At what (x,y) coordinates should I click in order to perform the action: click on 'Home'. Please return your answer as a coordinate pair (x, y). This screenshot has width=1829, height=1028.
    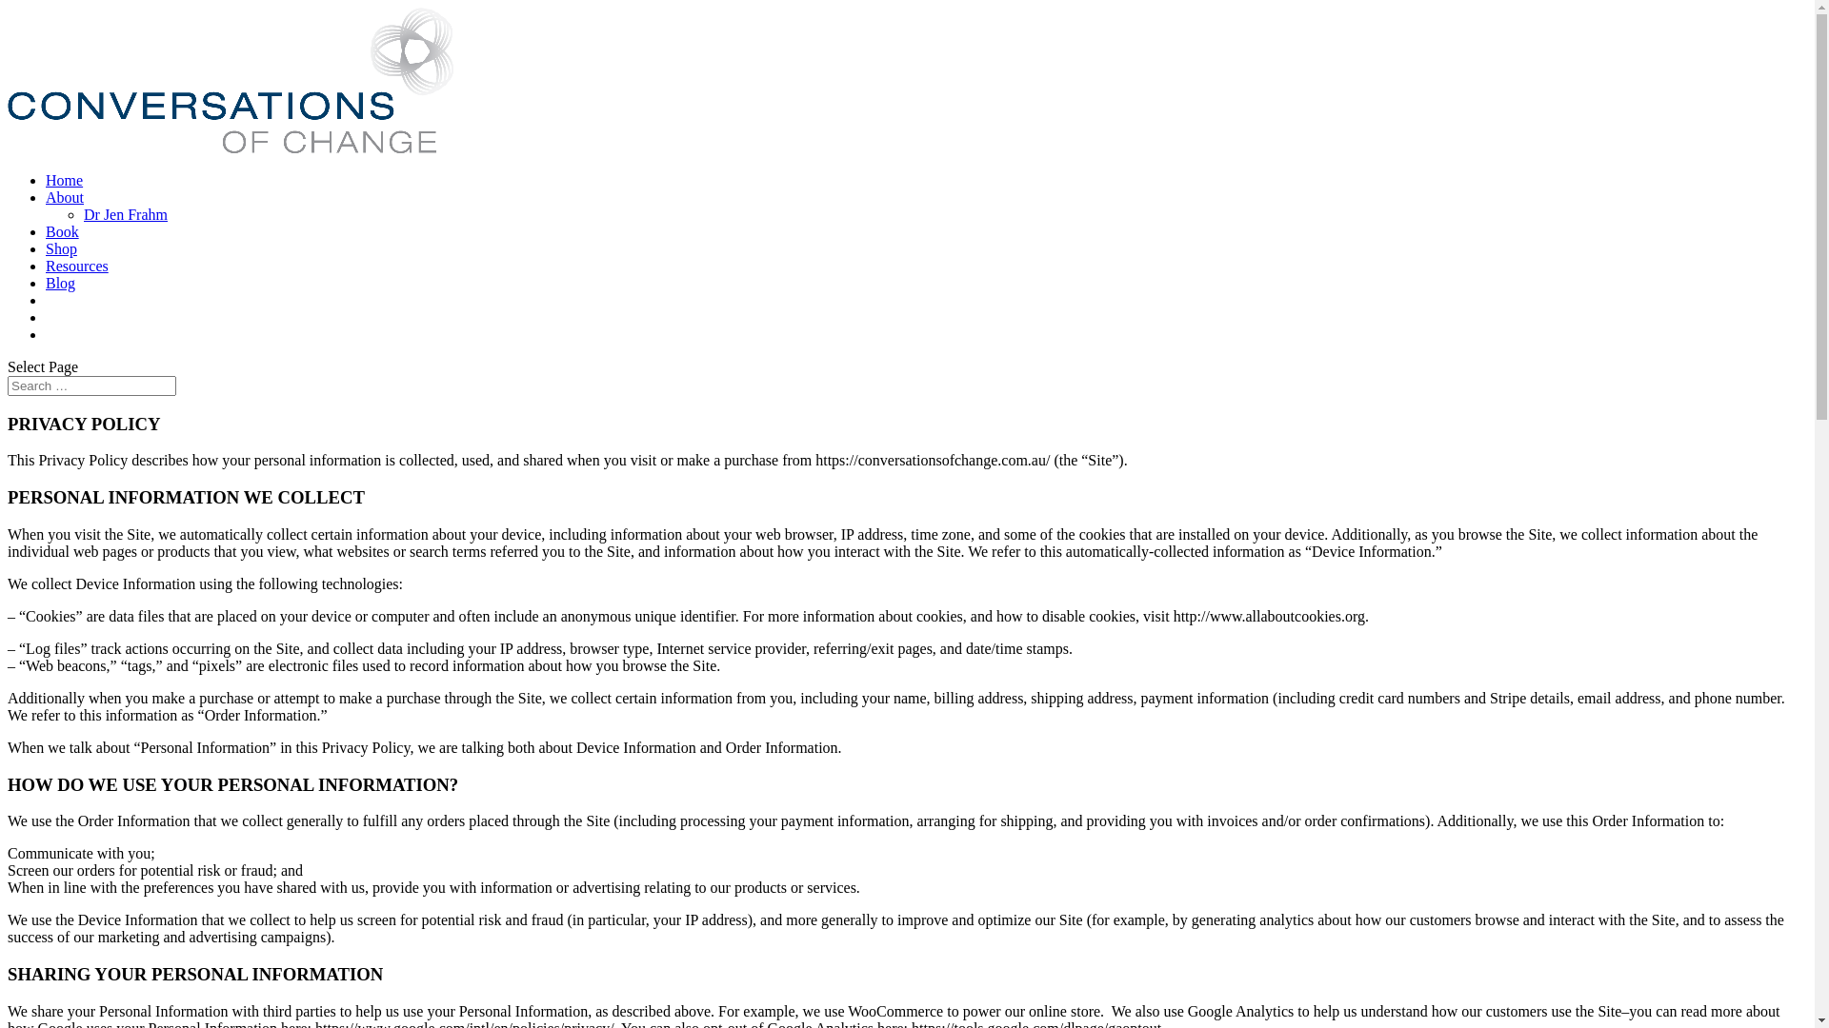
    Looking at the image, I should click on (64, 180).